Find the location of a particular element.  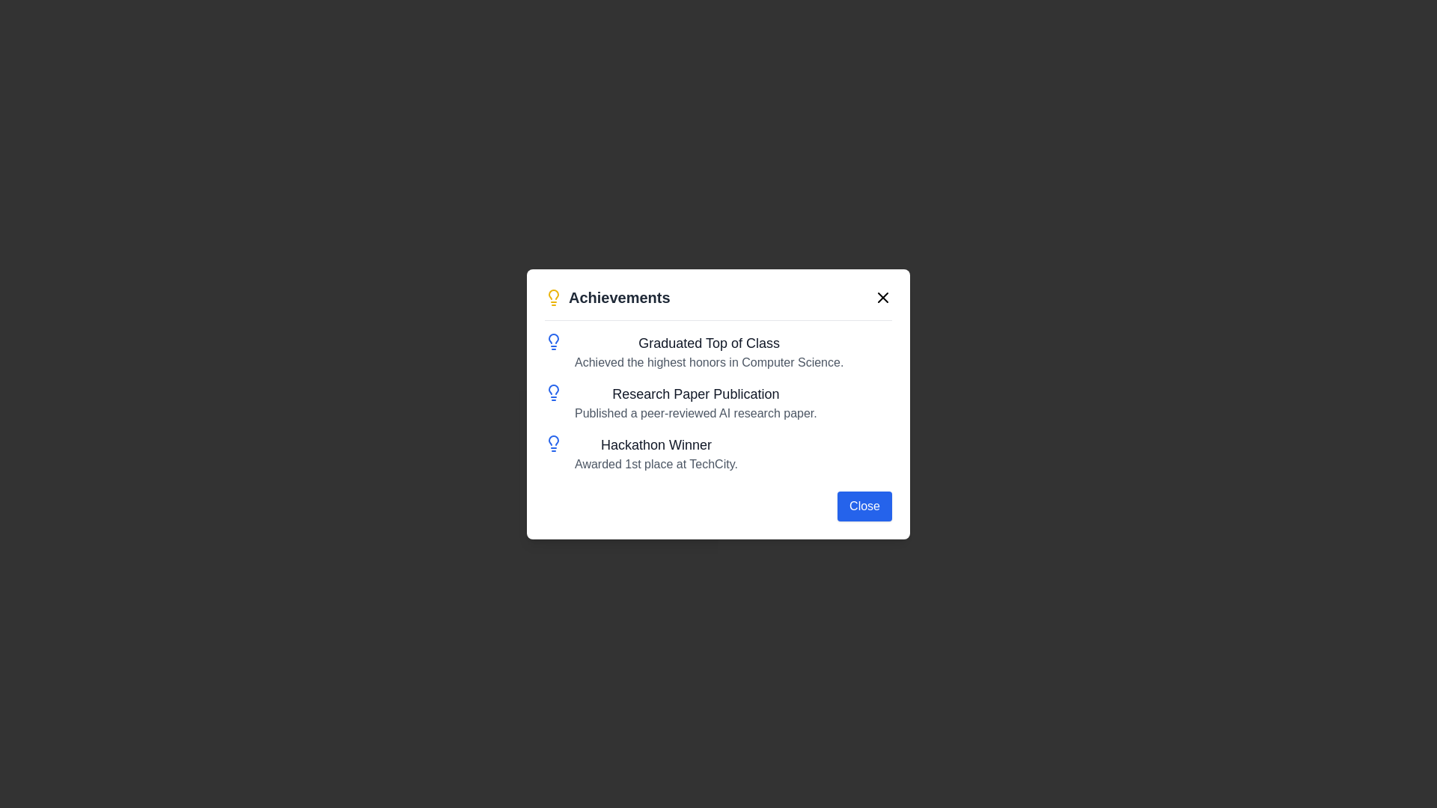

the close button located in the bottom-right corner of the 'Achievements' dialog box is located at coordinates (864, 505).